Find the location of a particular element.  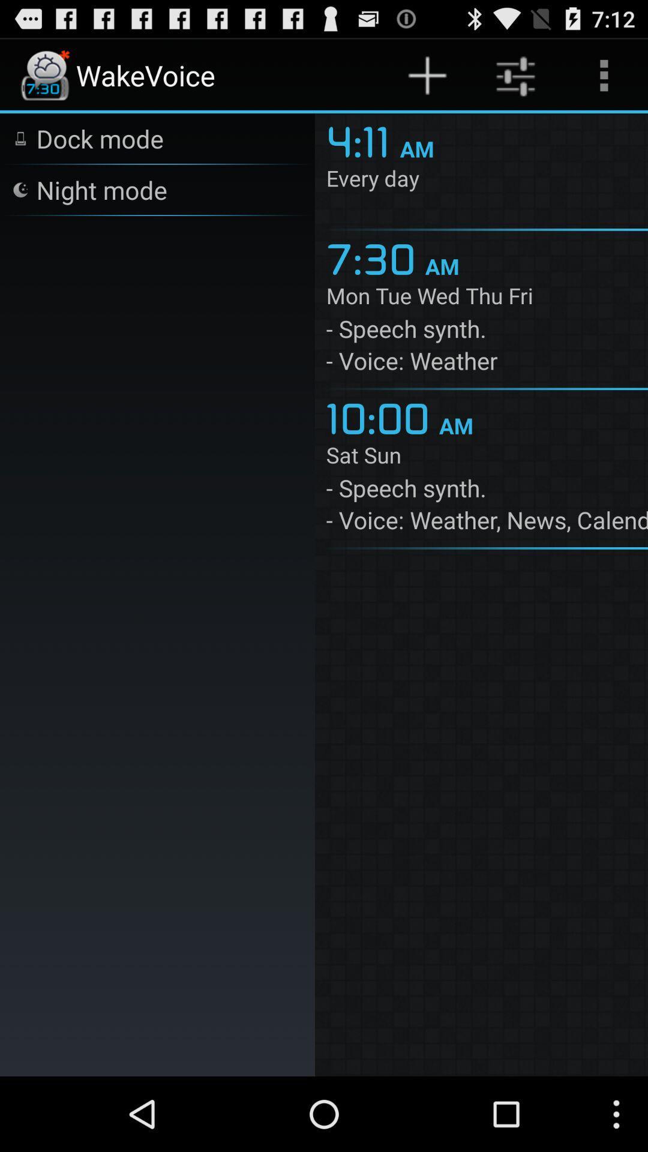

app next to the 4:11 icon is located at coordinates (101, 189).